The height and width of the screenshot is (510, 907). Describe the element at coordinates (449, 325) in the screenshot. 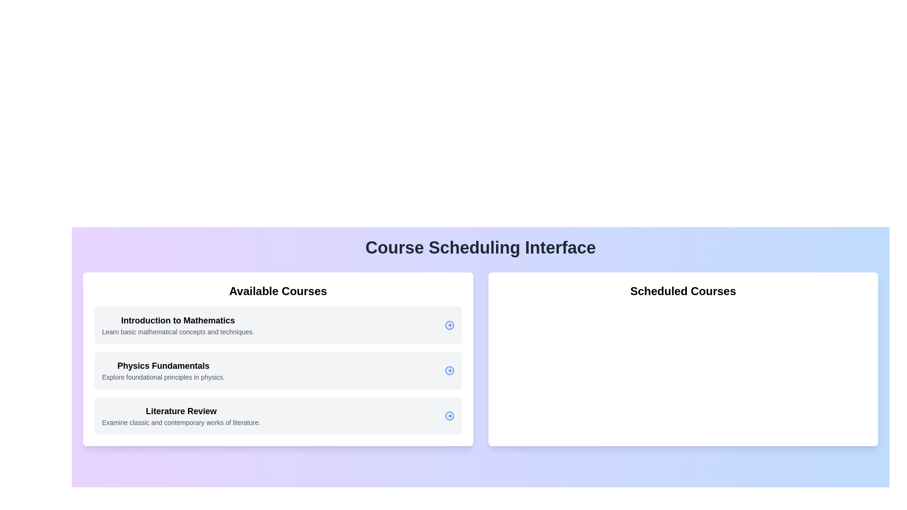

I see `the button located at the top-right corner of the 'Introduction to Mathematics' course card` at that location.